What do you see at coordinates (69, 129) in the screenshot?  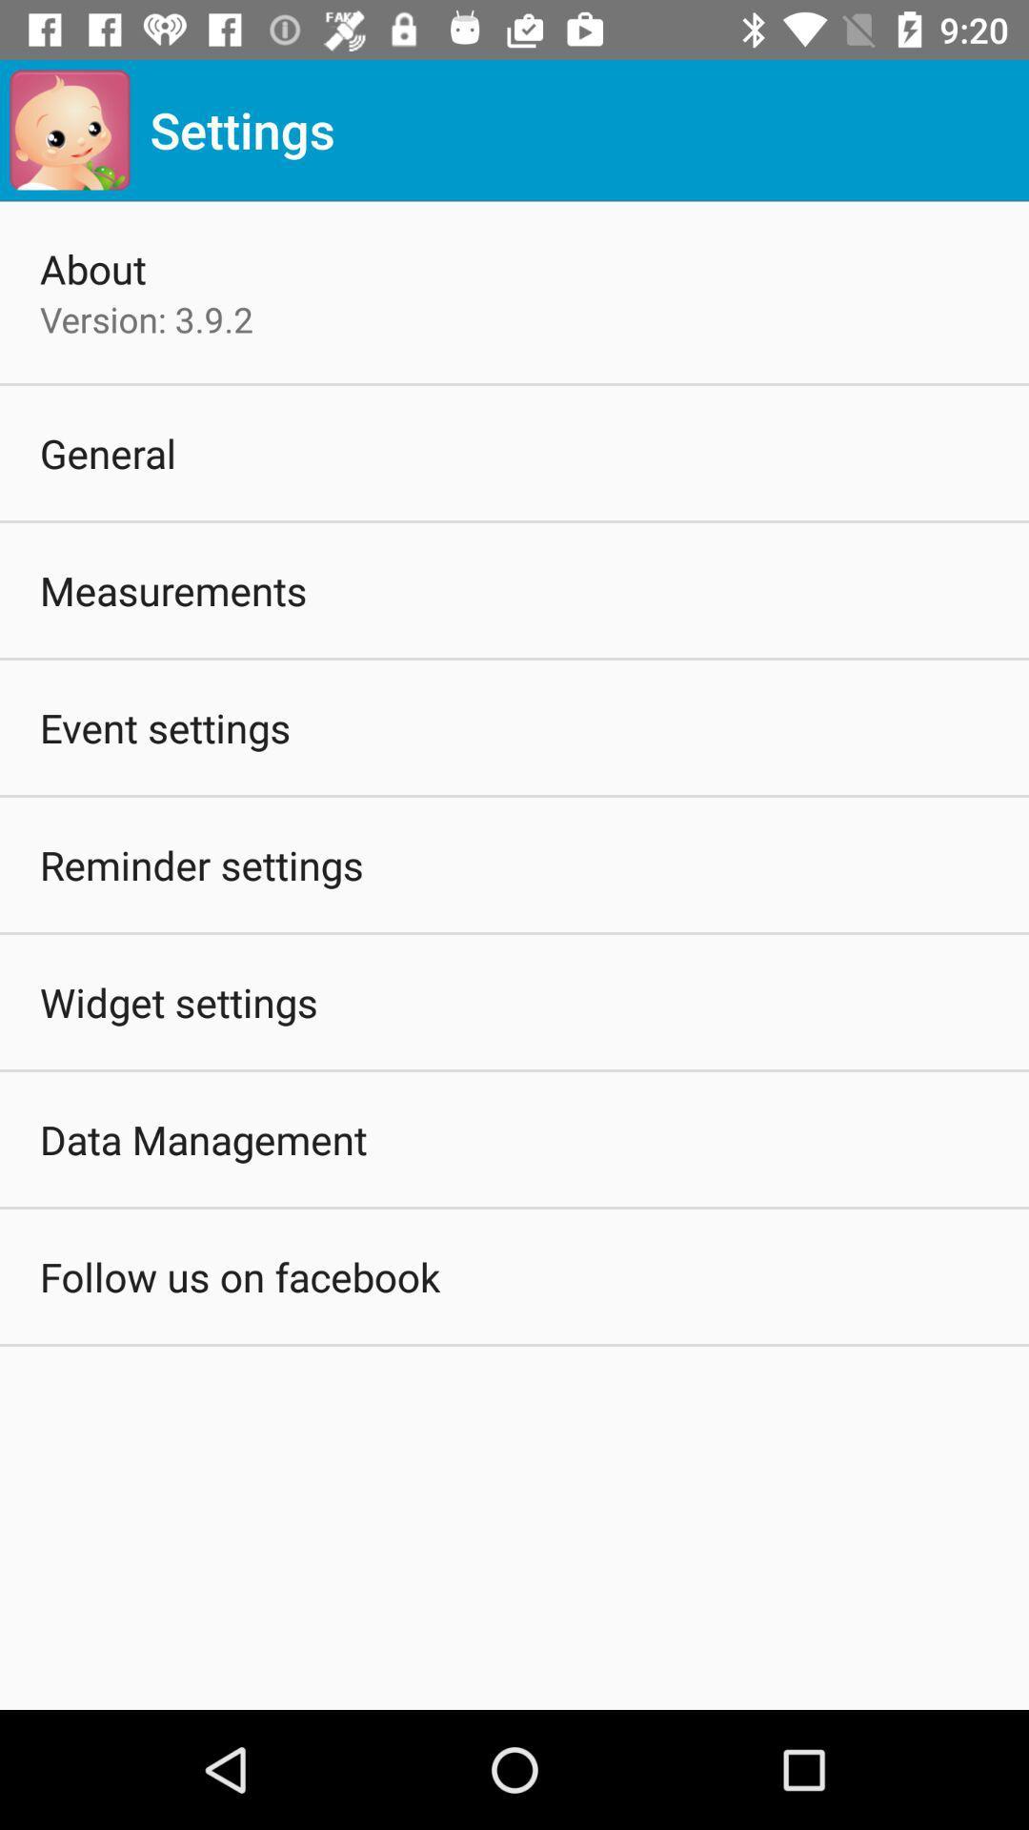 I see `the icon above about app` at bounding box center [69, 129].